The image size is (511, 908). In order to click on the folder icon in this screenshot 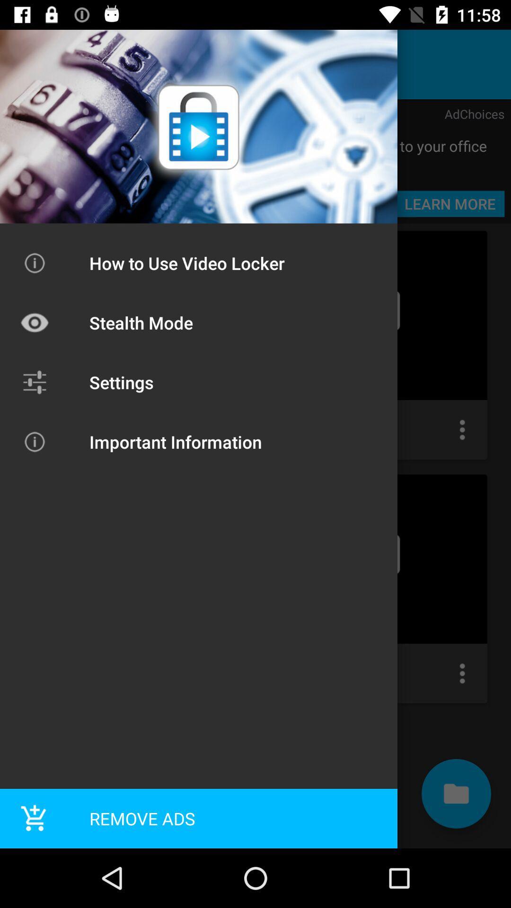, I will do `click(456, 794)`.